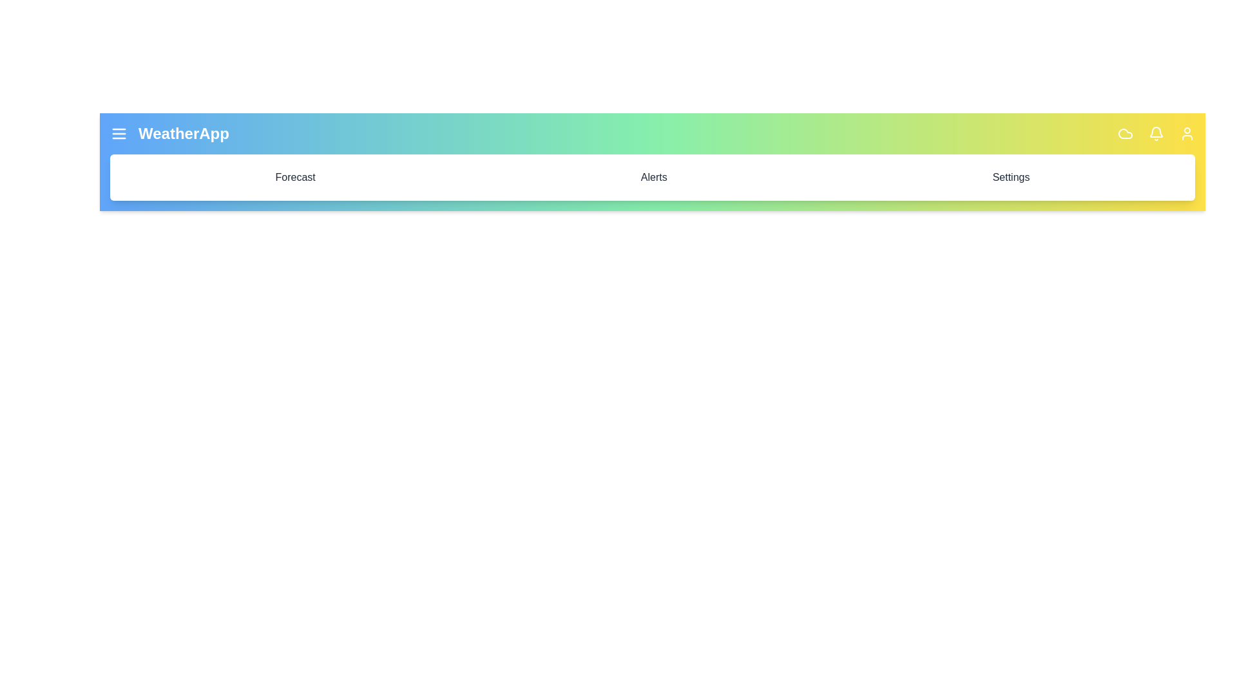 The image size is (1237, 695). What do you see at coordinates (1010, 178) in the screenshot?
I see `the 'Settings' menu item` at bounding box center [1010, 178].